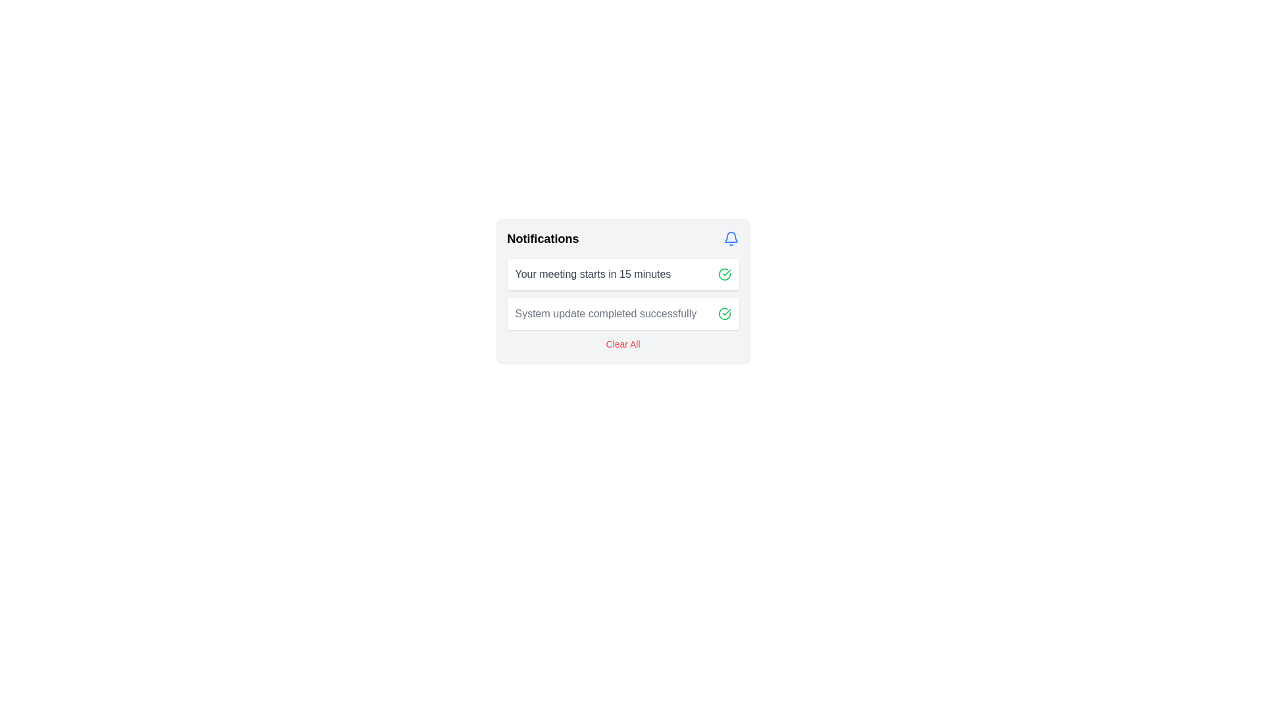  I want to click on the visual confirmation icon located at the right end of the notification titled 'System update completed successfully', so click(724, 314).